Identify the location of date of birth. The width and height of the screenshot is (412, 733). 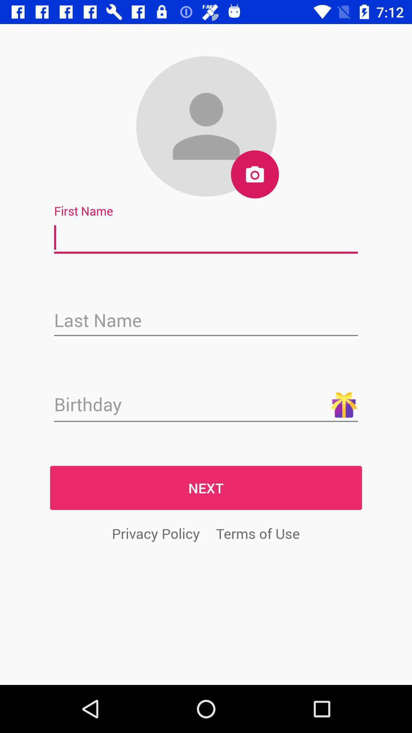
(206, 405).